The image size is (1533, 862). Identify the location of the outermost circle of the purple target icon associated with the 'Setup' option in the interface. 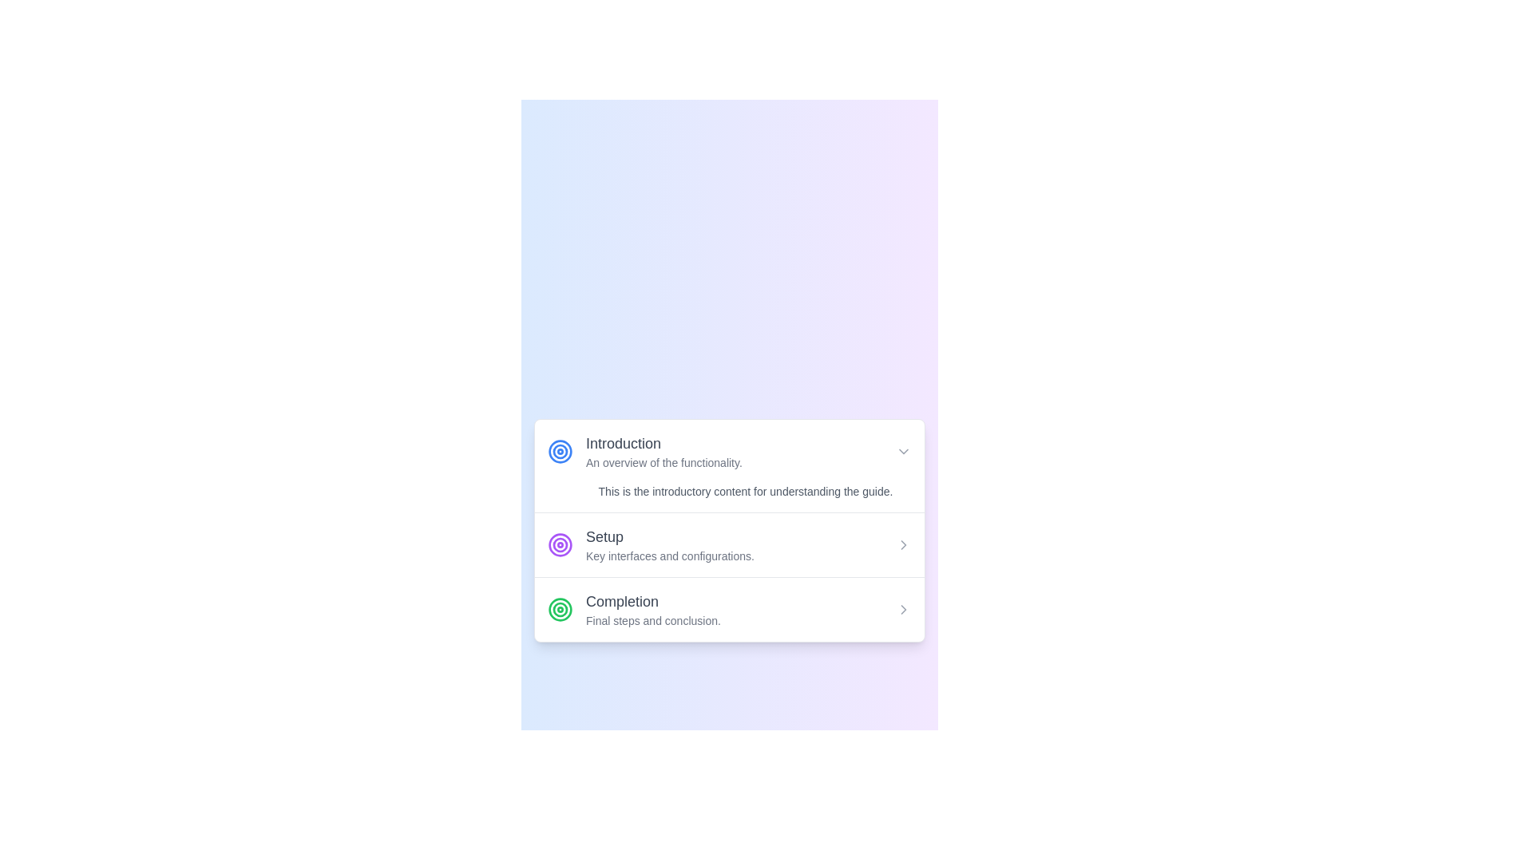
(560, 544).